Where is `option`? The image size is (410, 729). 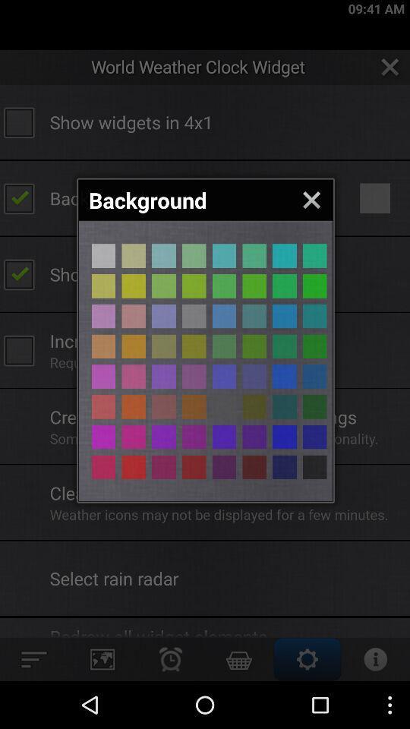 option is located at coordinates (134, 315).